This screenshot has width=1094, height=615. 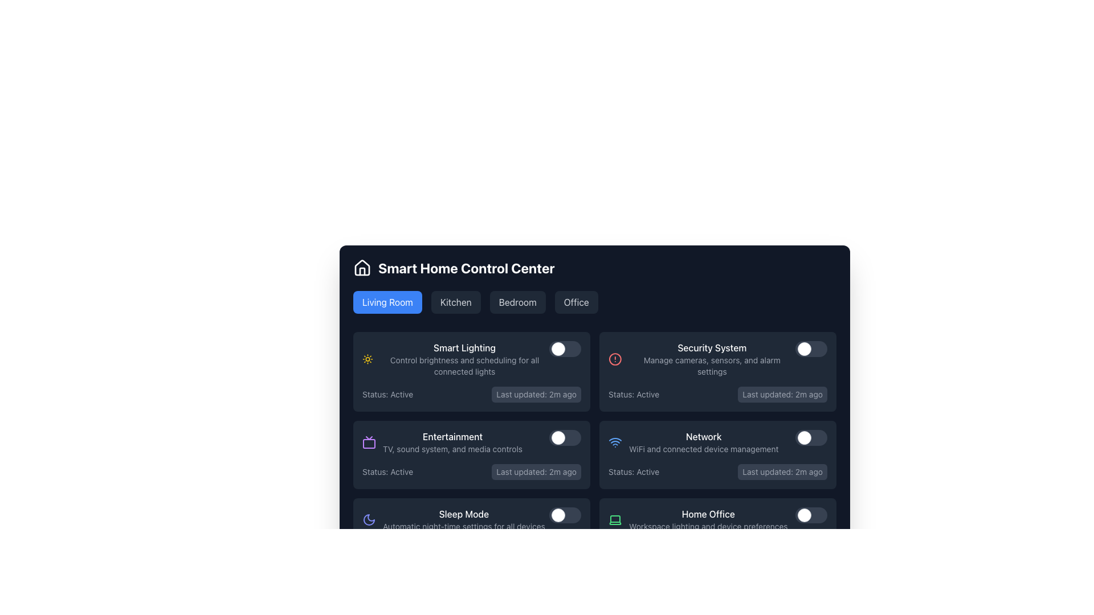 What do you see at coordinates (703, 441) in the screenshot?
I see `the Text label that provides information related to network settings, located in the second column of the third row beneath the 'Security System' section` at bounding box center [703, 441].